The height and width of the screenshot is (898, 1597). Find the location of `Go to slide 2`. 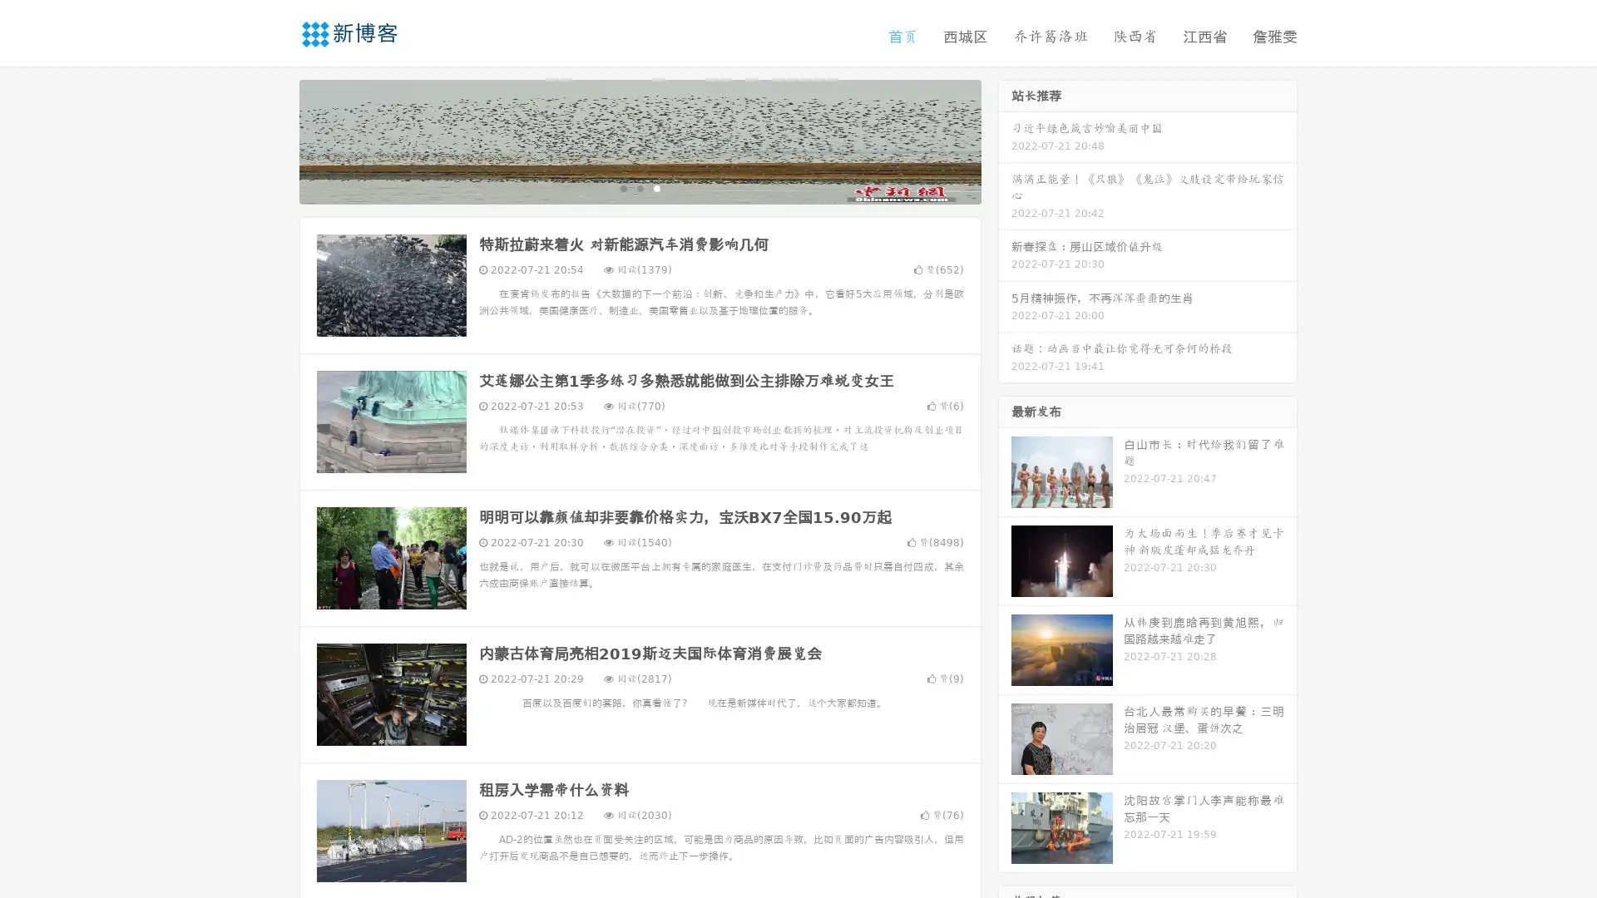

Go to slide 2 is located at coordinates (639, 187).